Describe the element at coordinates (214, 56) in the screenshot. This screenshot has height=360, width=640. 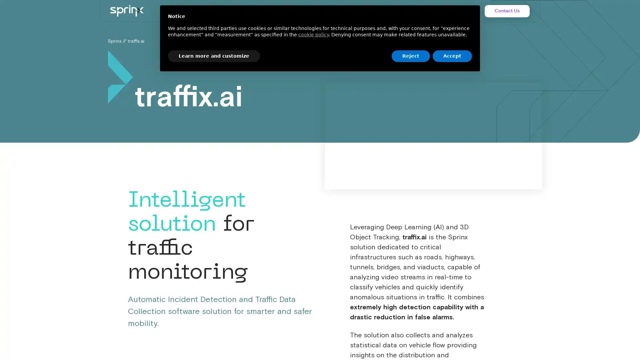
I see `Learn more and customize` at that location.